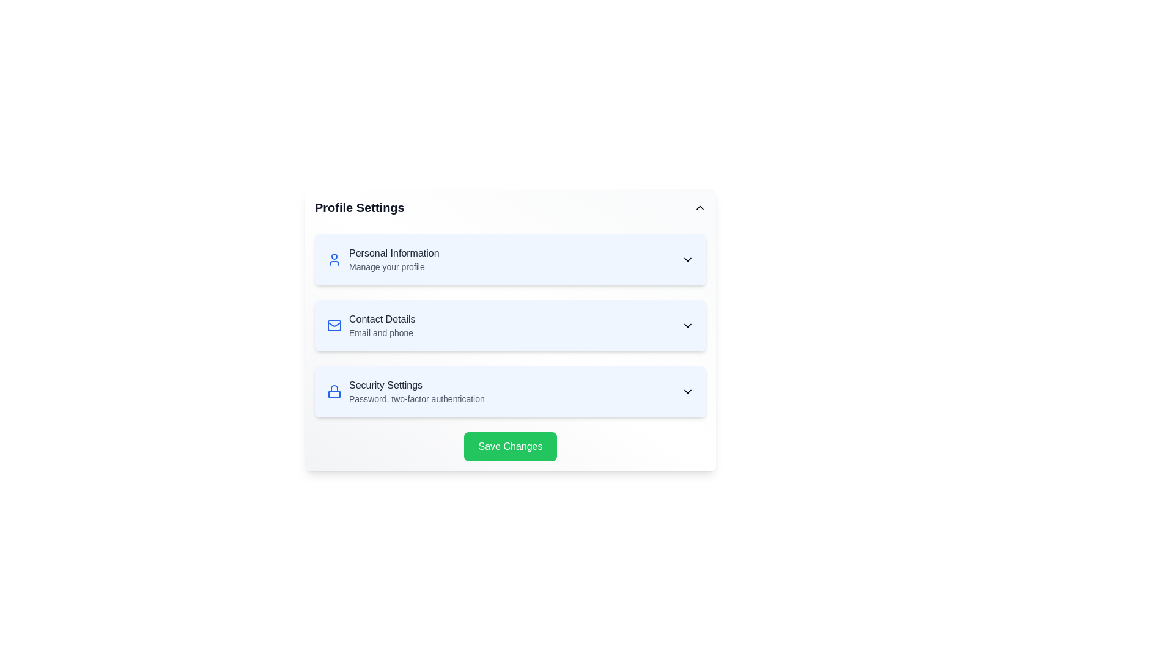  Describe the element at coordinates (371, 324) in the screenshot. I see `the 'Contact Methods' text with an envelope icon located below 'Personal Information' and above 'Security Settings' in the Profile Settings` at that location.